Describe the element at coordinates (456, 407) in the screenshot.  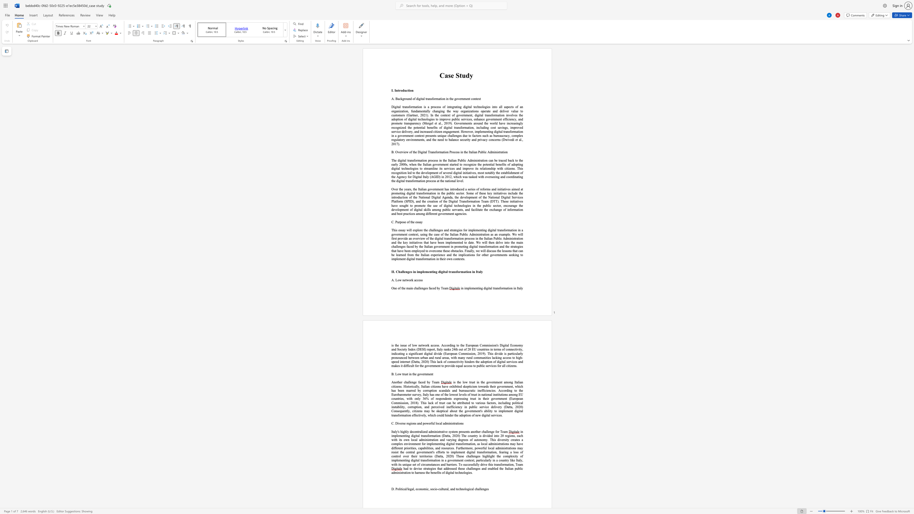
I see `the subset text "ency in public service delivery (Datta, 2020) Consequently, citizens may be skeptical about the government" within the text ", including political instability, corruption, and perceived inefficiency in public service delivery (Datta, 2020) Consequently, citizens may be skeptical about the government"` at that location.